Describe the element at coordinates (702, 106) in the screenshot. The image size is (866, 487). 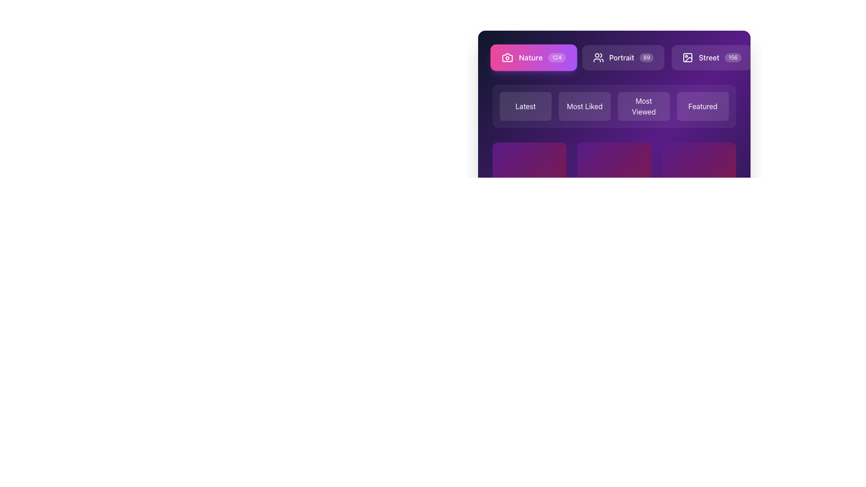
I see `the 'Featured' filter button, which is the fourth button from the left in a row of four buttons, located below category tabs and above content cards, to change its background` at that location.